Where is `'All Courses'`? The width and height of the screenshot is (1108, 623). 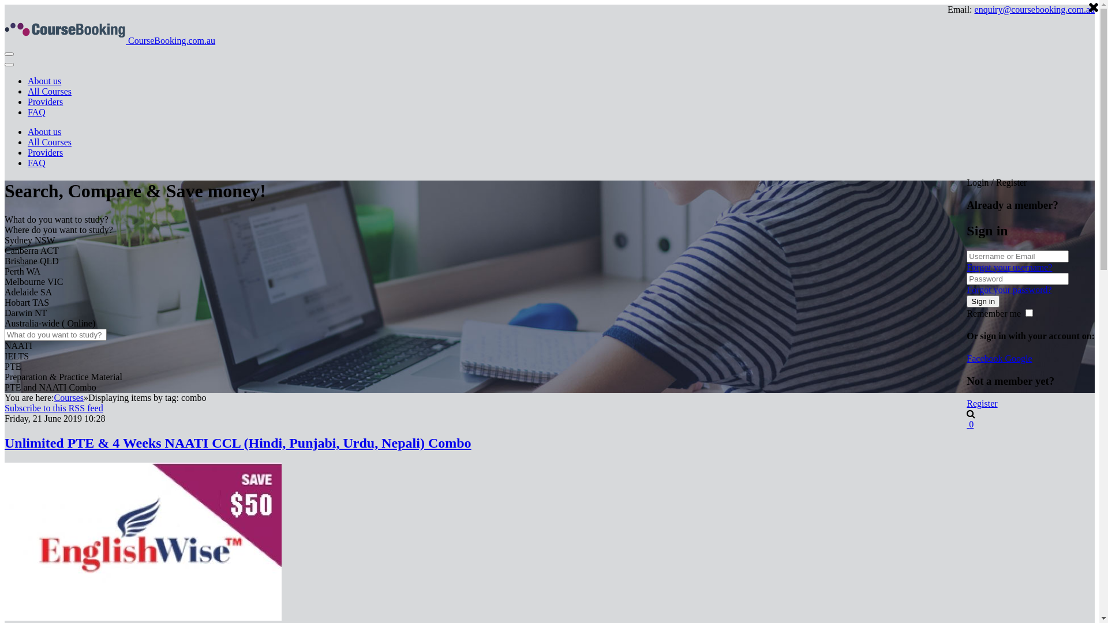 'All Courses' is located at coordinates (49, 141).